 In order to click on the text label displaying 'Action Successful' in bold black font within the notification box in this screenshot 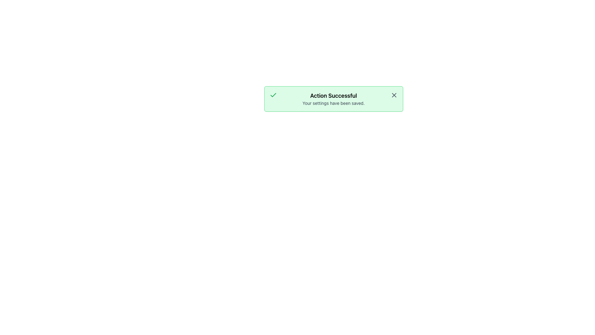, I will do `click(333, 96)`.